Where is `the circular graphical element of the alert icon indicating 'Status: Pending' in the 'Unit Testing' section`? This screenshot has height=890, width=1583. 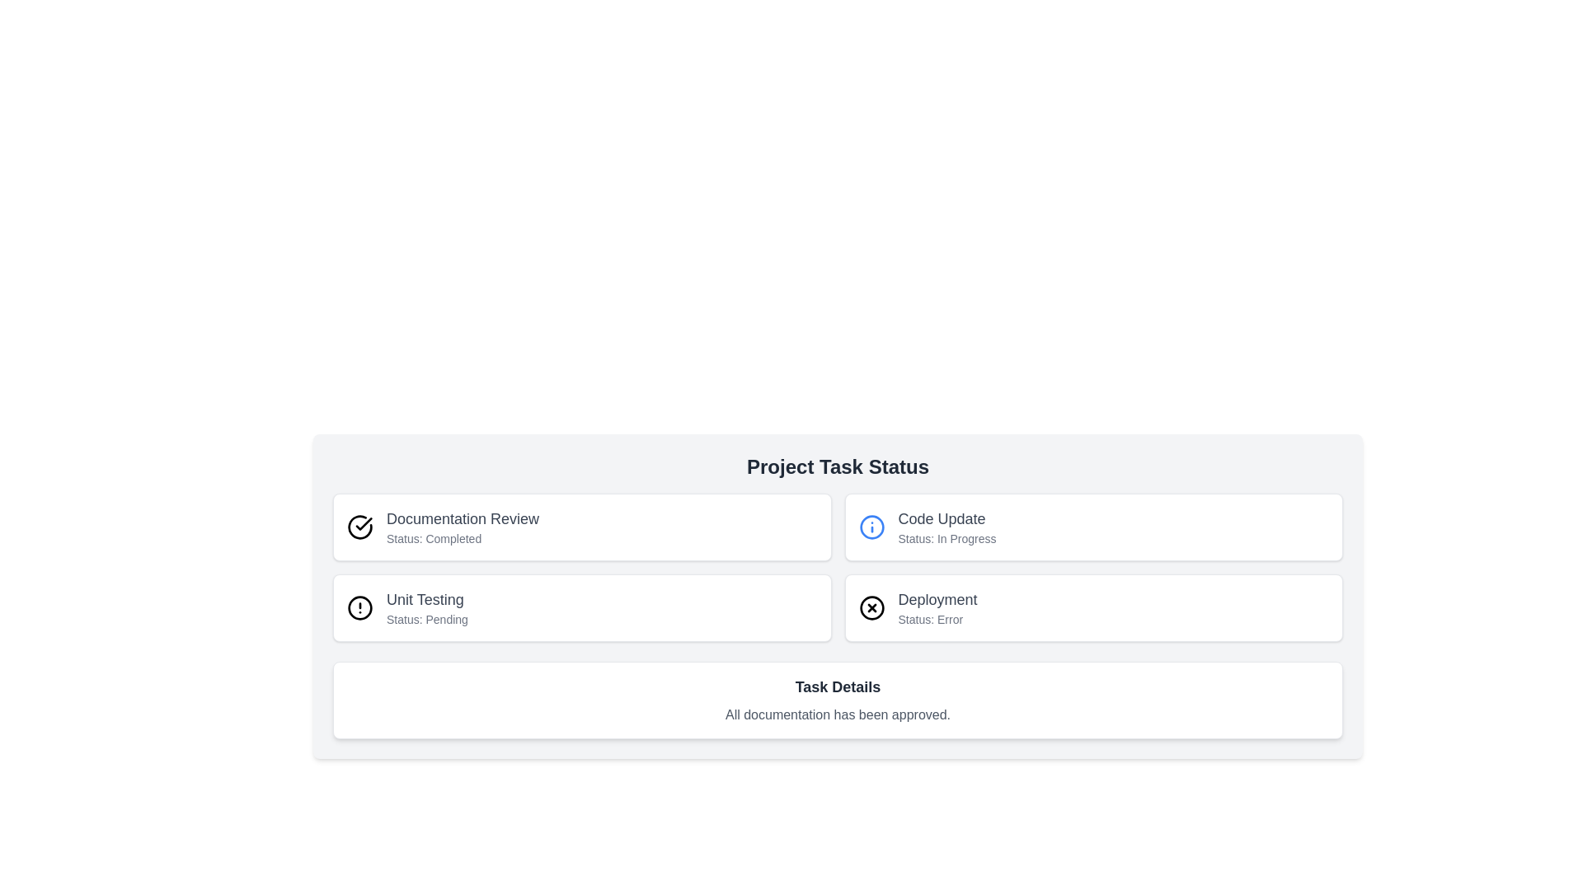 the circular graphical element of the alert icon indicating 'Status: Pending' in the 'Unit Testing' section is located at coordinates (359, 607).